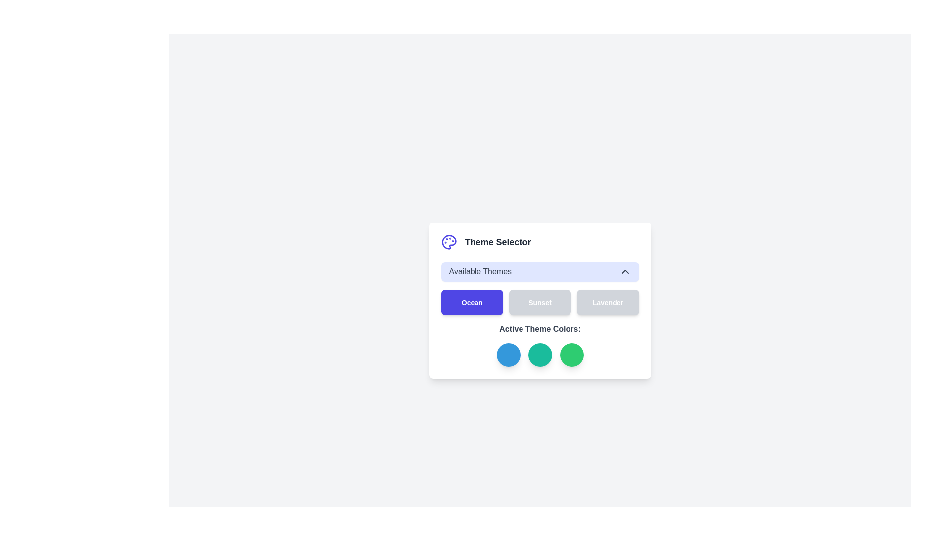 The width and height of the screenshot is (950, 534). Describe the element at coordinates (539, 242) in the screenshot. I see `the title of the label with icon that serves as the heading for the theme selection section for accessibility` at that location.